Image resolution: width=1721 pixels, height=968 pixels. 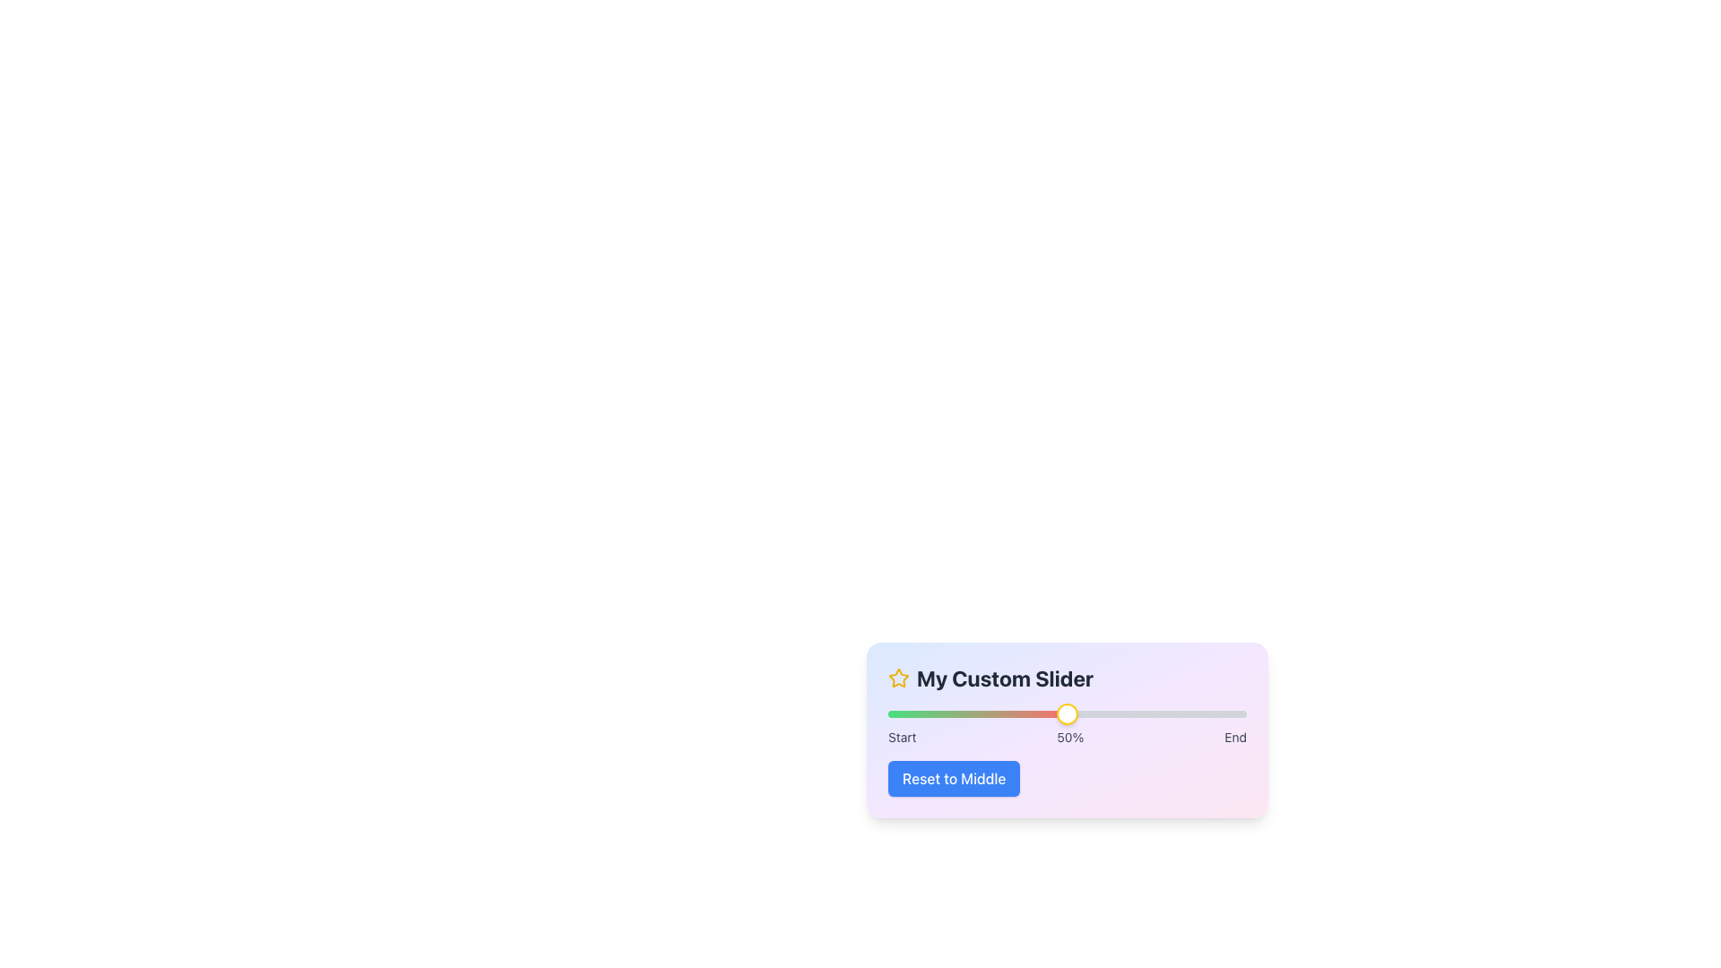 I want to click on the slider, so click(x=1042, y=713).